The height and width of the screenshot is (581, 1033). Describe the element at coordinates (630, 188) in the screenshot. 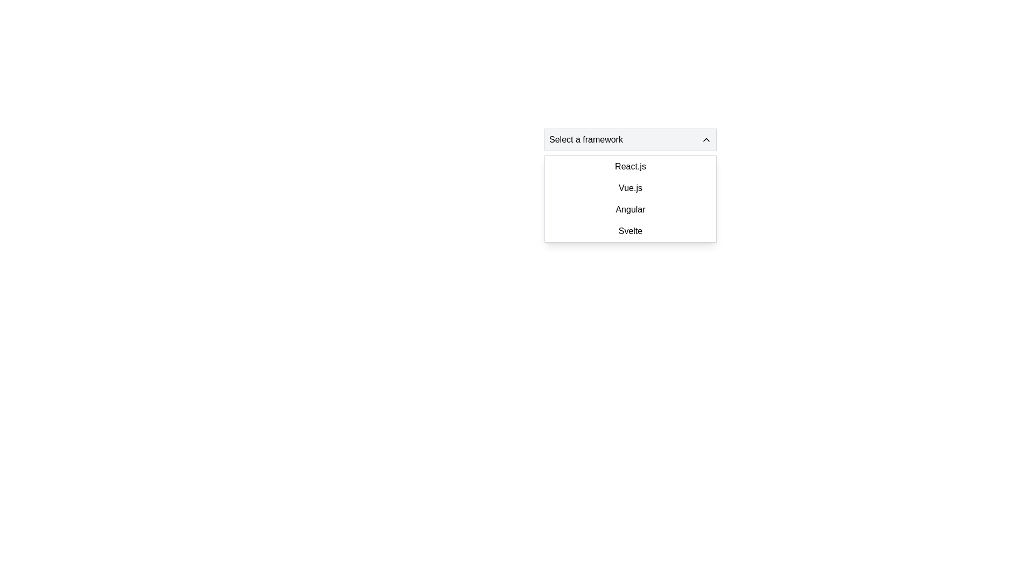

I see `the second item in the dropdown menu, which displays 'Vue.js'` at that location.